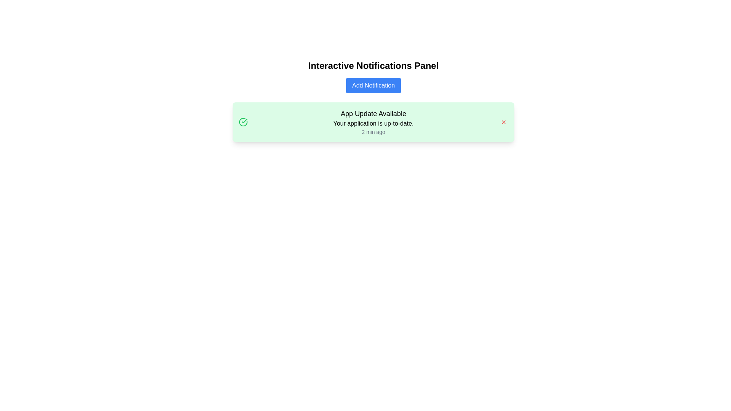 The height and width of the screenshot is (411, 731). Describe the element at coordinates (504, 121) in the screenshot. I see `the Close Button icon located at the top-right corner of the green notification box` at that location.